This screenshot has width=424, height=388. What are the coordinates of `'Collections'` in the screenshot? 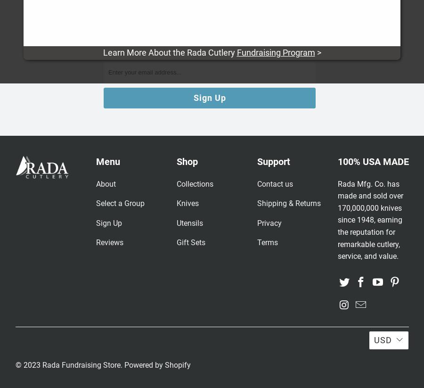 It's located at (195, 183).